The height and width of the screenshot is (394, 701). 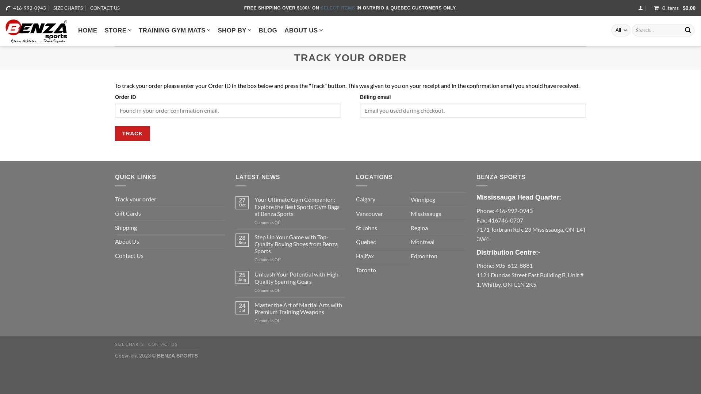 I want to click on '905-612-8881', so click(x=513, y=265).